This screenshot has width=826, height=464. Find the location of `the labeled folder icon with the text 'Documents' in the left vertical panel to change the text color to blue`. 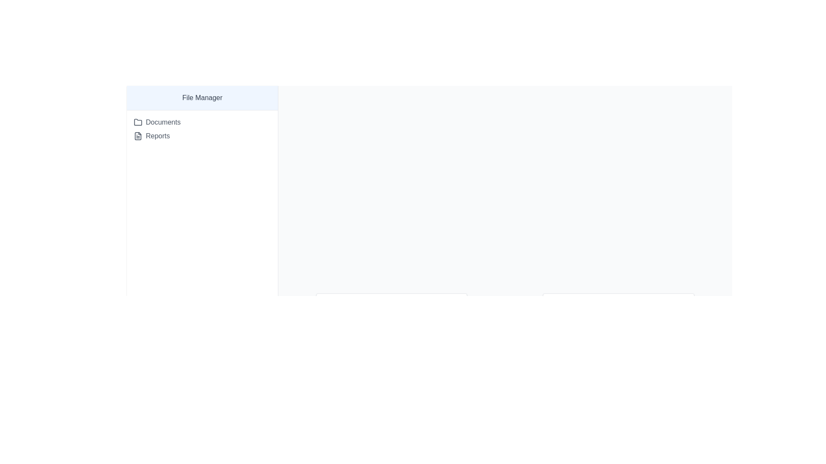

the labeled folder icon with the text 'Documents' in the left vertical panel to change the text color to blue is located at coordinates (157, 122).